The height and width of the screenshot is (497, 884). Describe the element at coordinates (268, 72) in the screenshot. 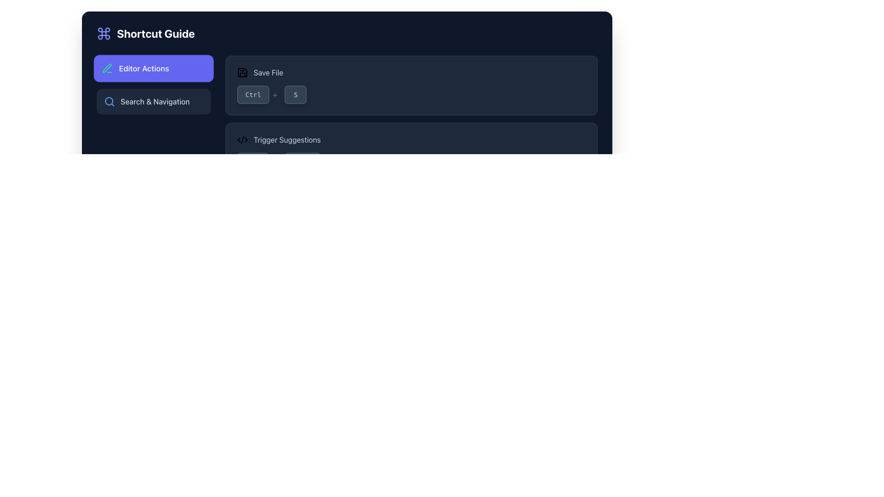

I see `the 'Save File' label, which is styled with a light slate color and positioned to the right of a save icon in the top-right area of the UI` at that location.